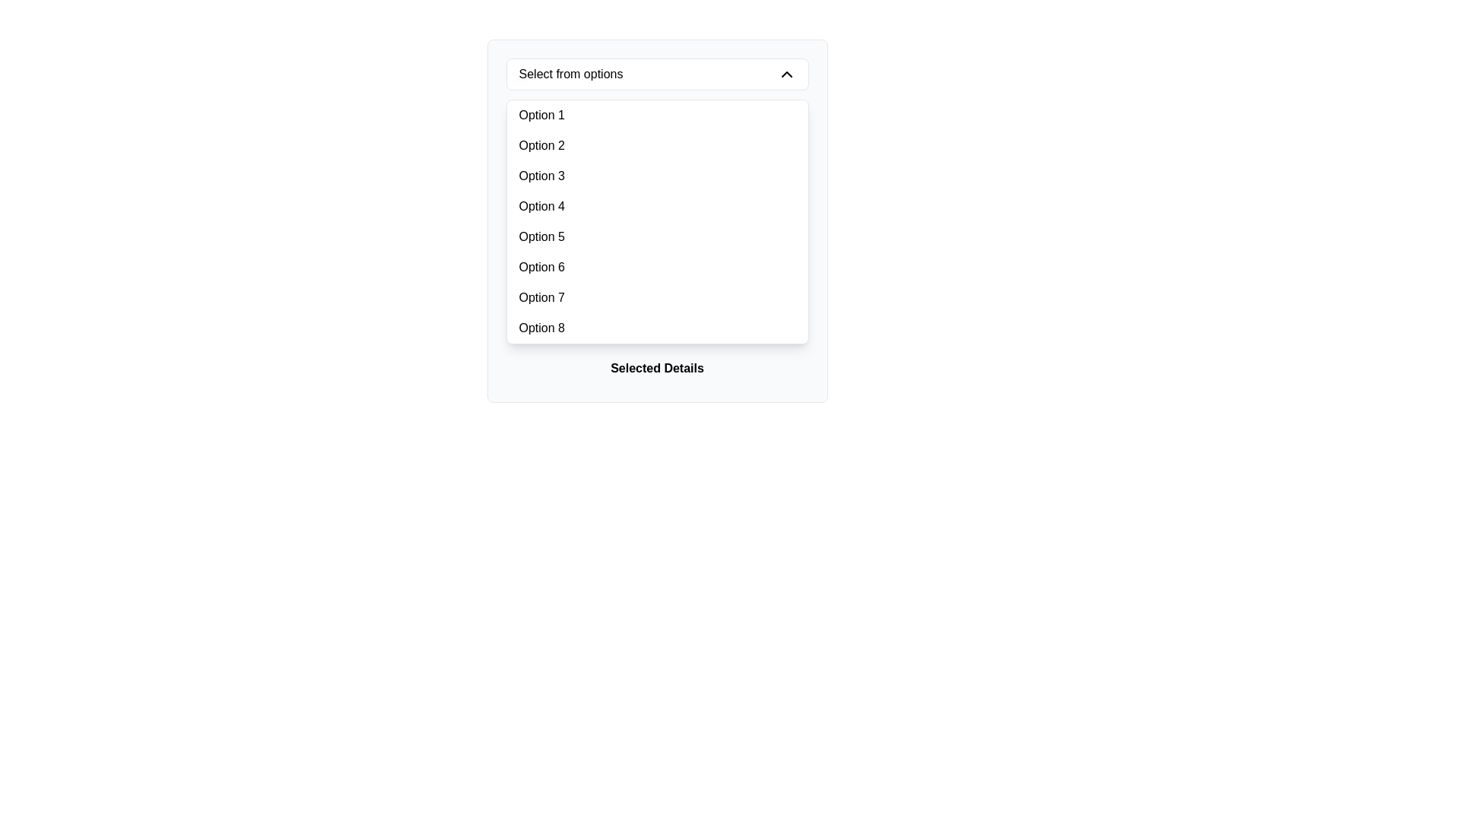 The image size is (1460, 821). I want to click on the 'Option 4' text label in the dropdown menu, so click(541, 207).